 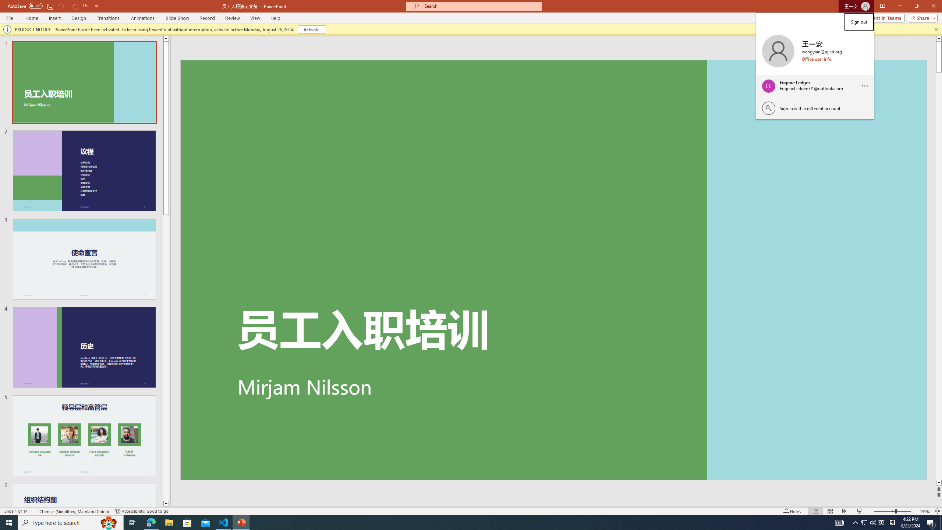 I want to click on 'Activate', so click(x=312, y=29).